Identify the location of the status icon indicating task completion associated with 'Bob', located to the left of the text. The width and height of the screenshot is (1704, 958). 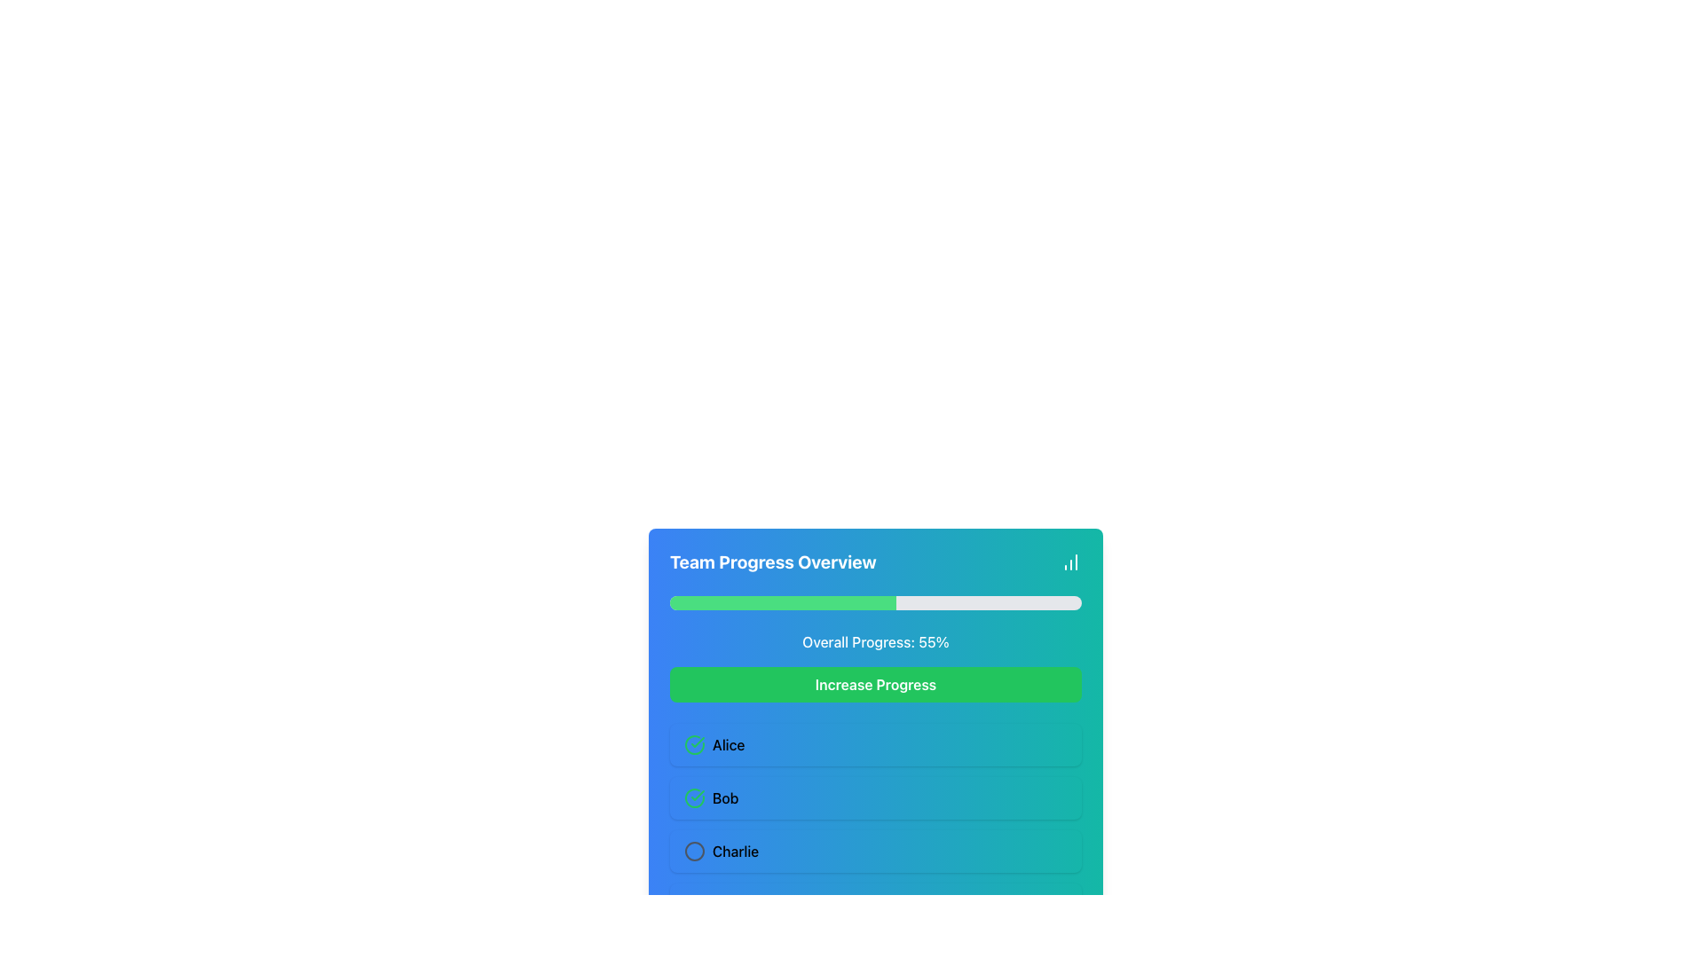
(693, 797).